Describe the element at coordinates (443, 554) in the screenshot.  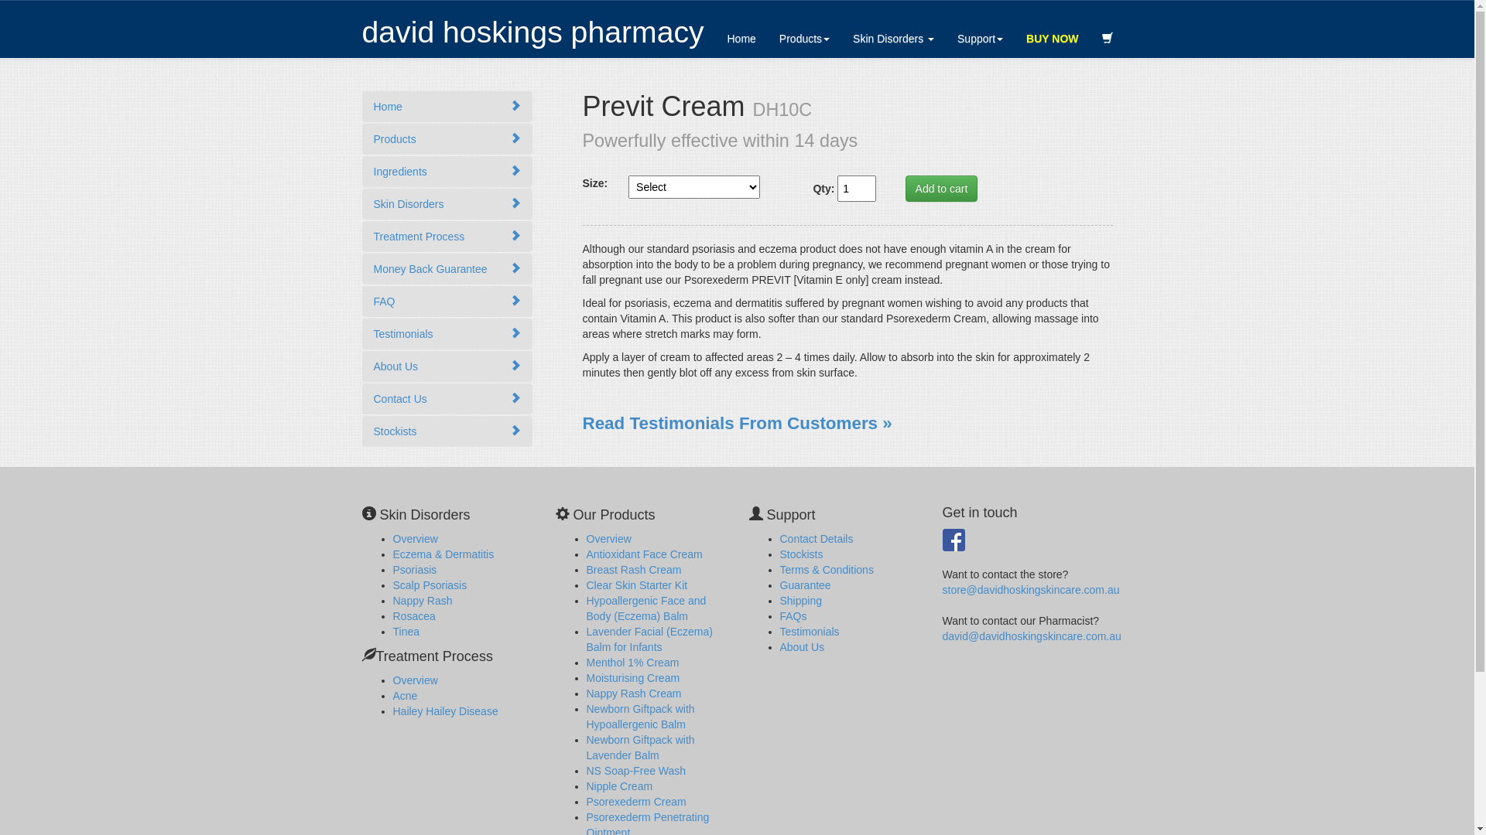
I see `'Eczema & Dermatitis'` at that location.